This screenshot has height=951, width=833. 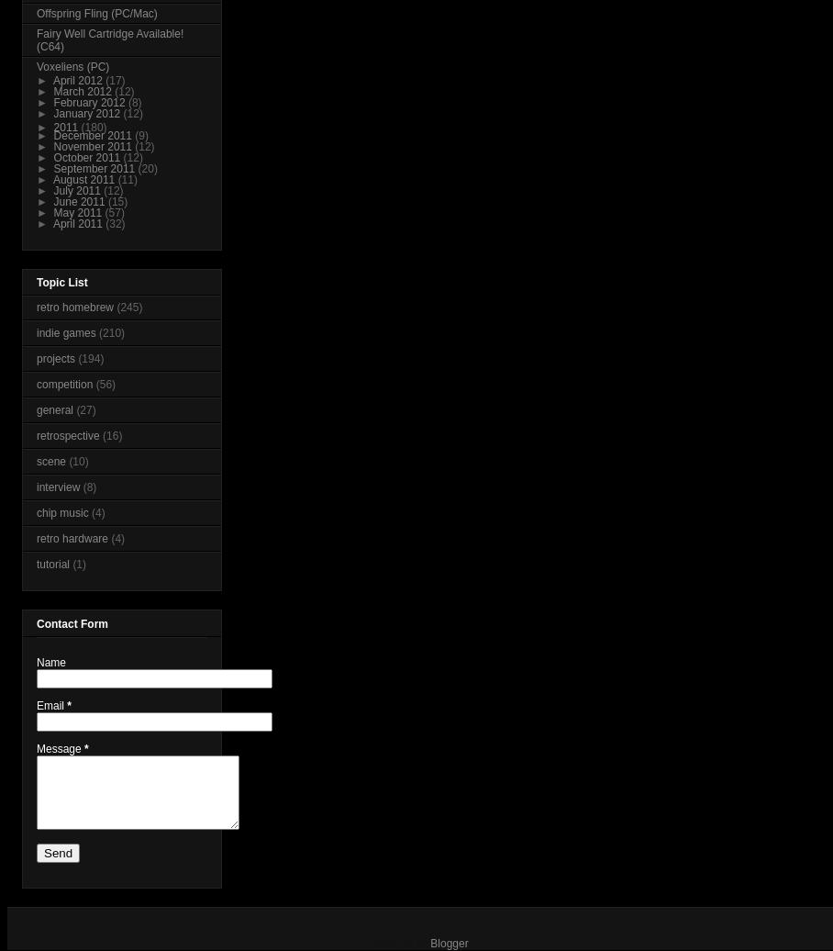 I want to click on 'Blogger', so click(x=448, y=942).